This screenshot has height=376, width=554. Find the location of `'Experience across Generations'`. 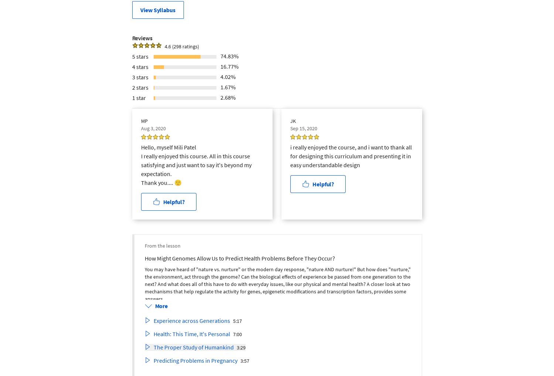

'Experience across Generations' is located at coordinates (191, 320).